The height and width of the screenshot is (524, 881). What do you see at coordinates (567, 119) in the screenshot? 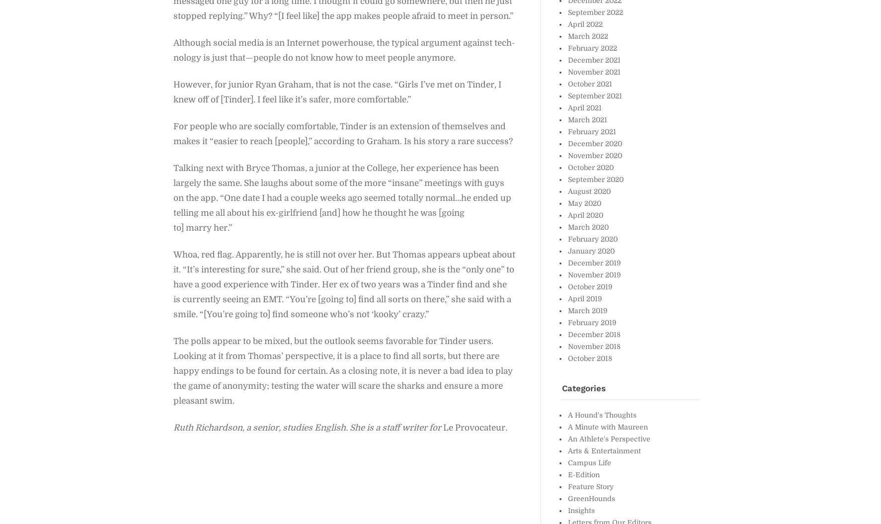
I see `'March 2021'` at bounding box center [567, 119].